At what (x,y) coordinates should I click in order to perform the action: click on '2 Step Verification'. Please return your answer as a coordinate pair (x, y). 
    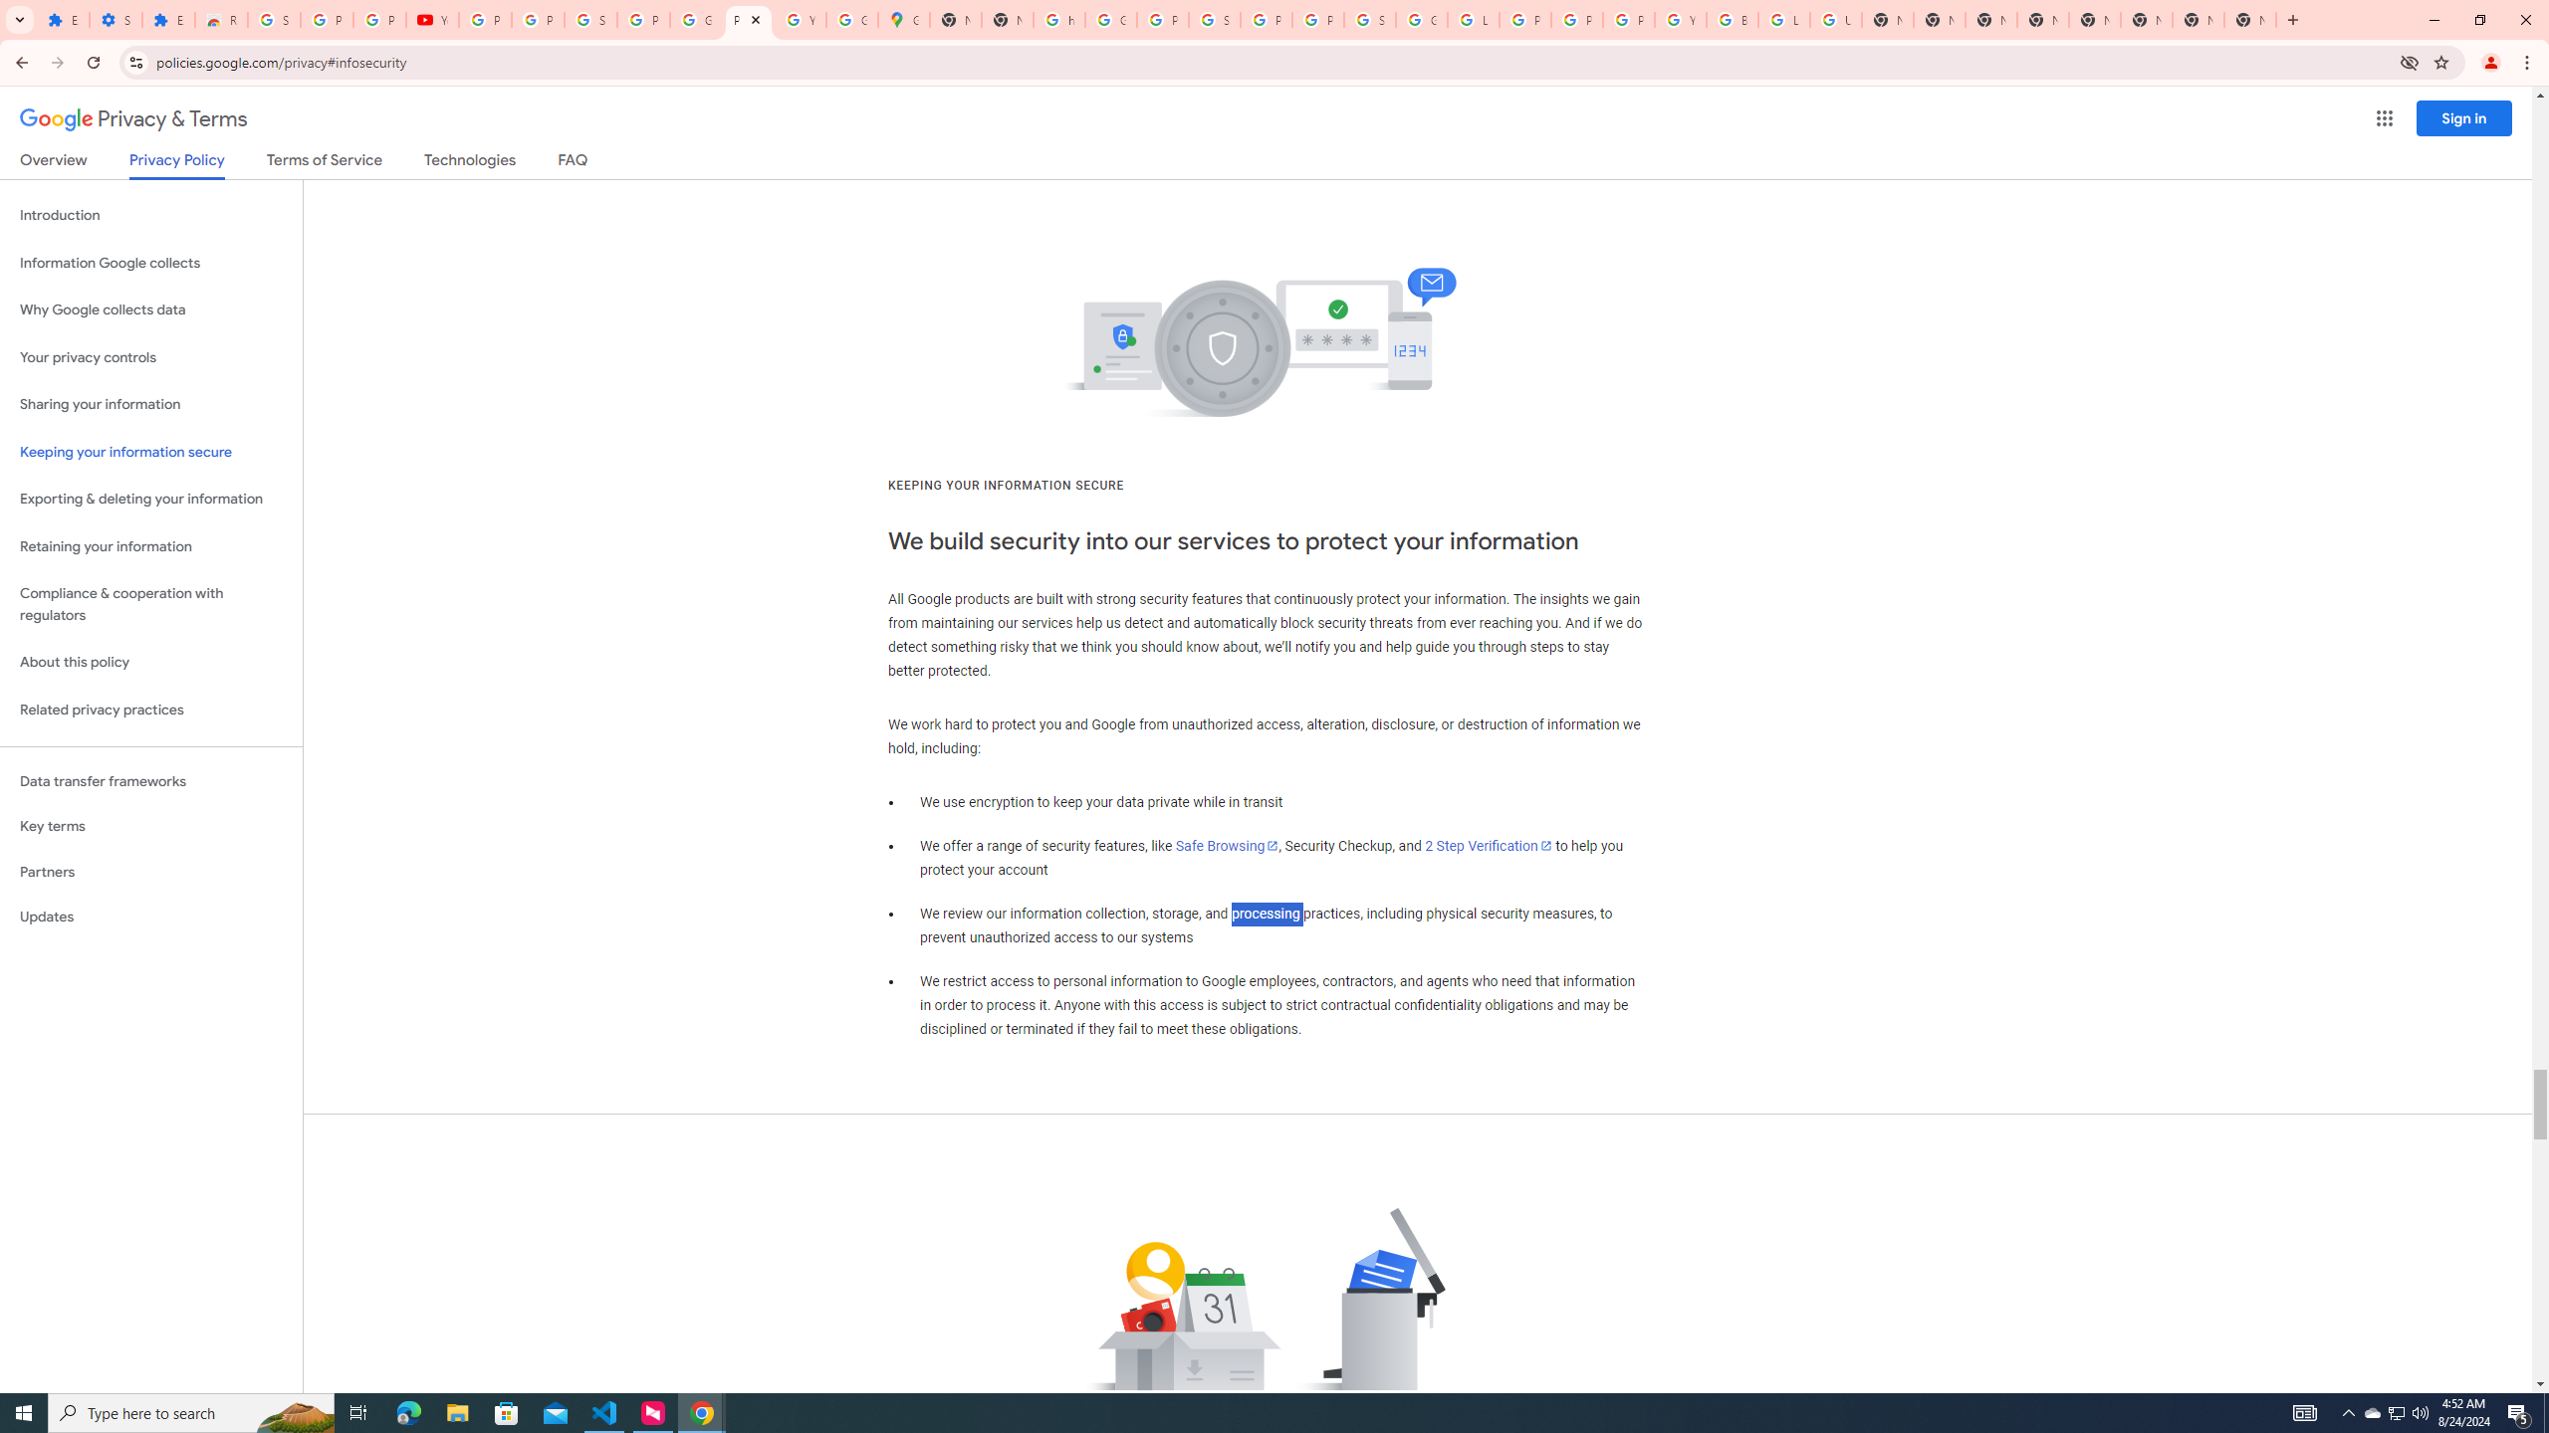
    Looking at the image, I should click on (1489, 846).